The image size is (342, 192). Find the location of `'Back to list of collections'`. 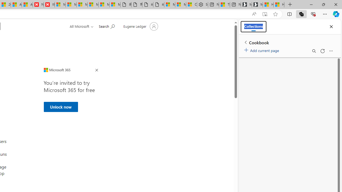

'Back to list of collections' is located at coordinates (246, 42).